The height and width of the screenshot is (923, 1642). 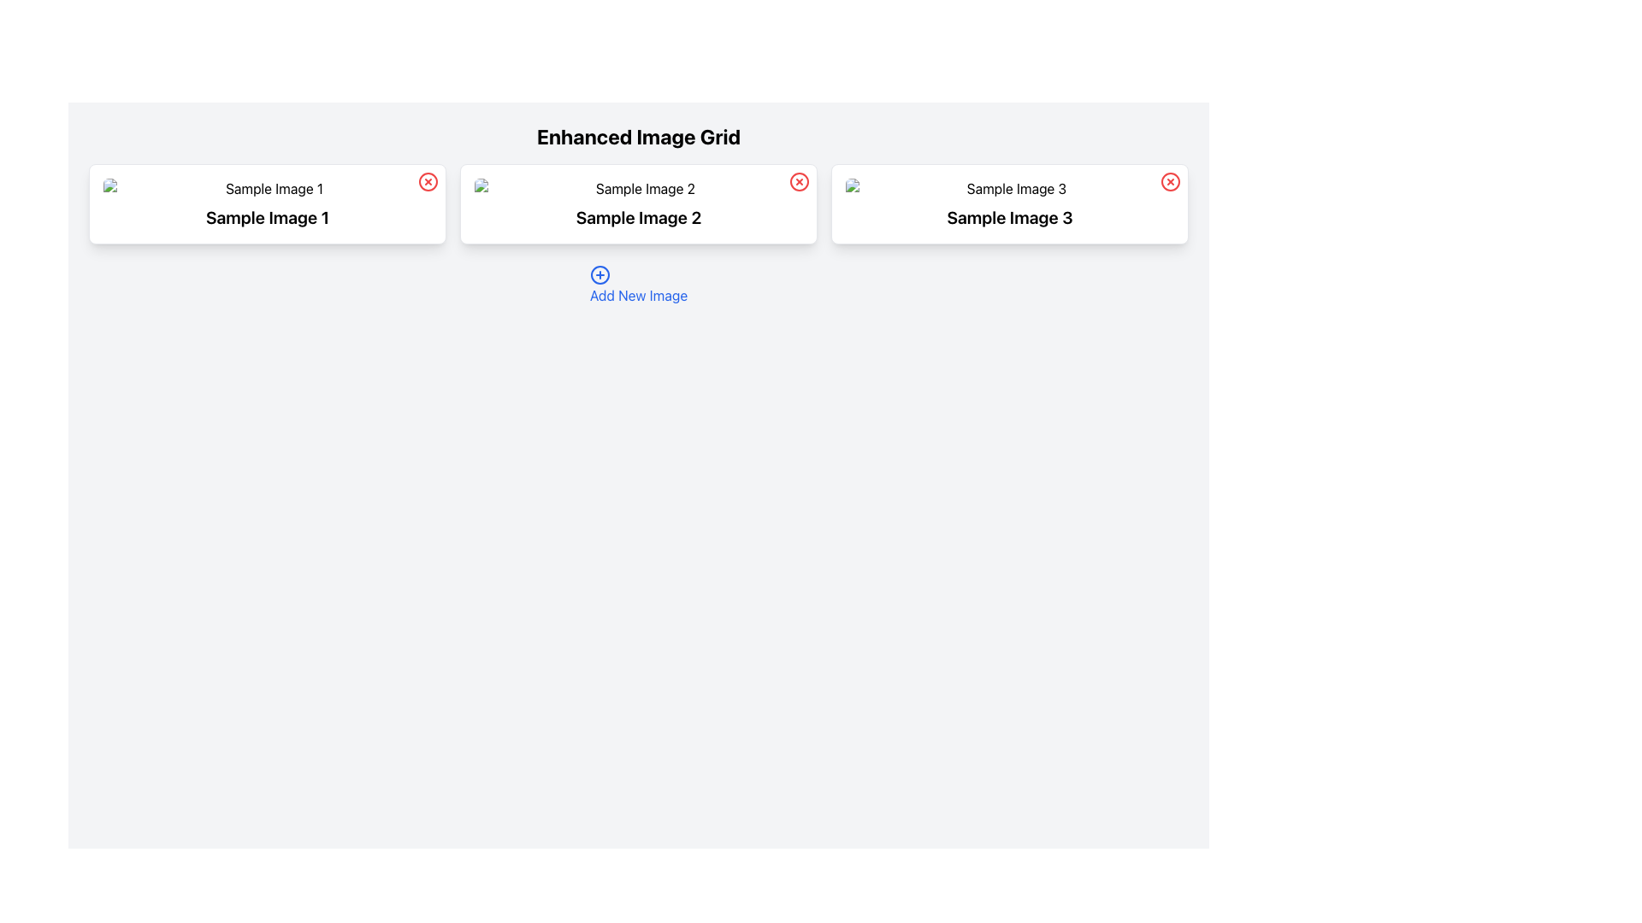 What do you see at coordinates (638, 216) in the screenshot?
I see `the Text Label that serves as a descriptive title for the associated image, located below 'Sample Image 2' in the middle section of the grid` at bounding box center [638, 216].